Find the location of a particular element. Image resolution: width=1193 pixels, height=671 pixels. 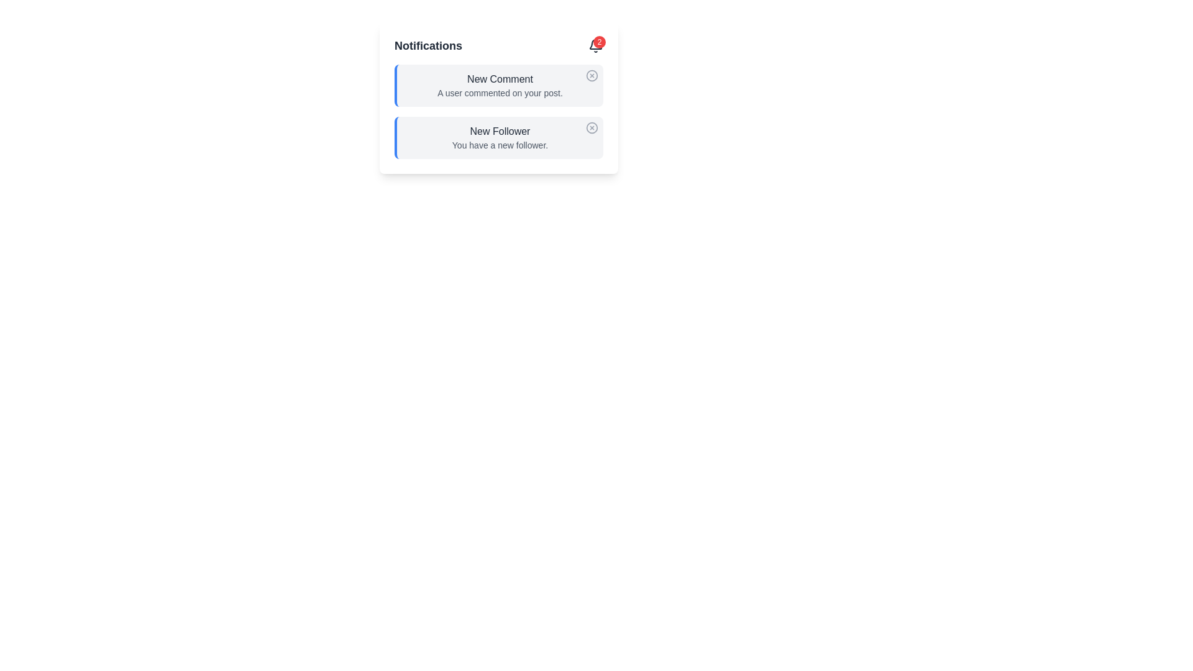

the close button located is located at coordinates (592, 127).